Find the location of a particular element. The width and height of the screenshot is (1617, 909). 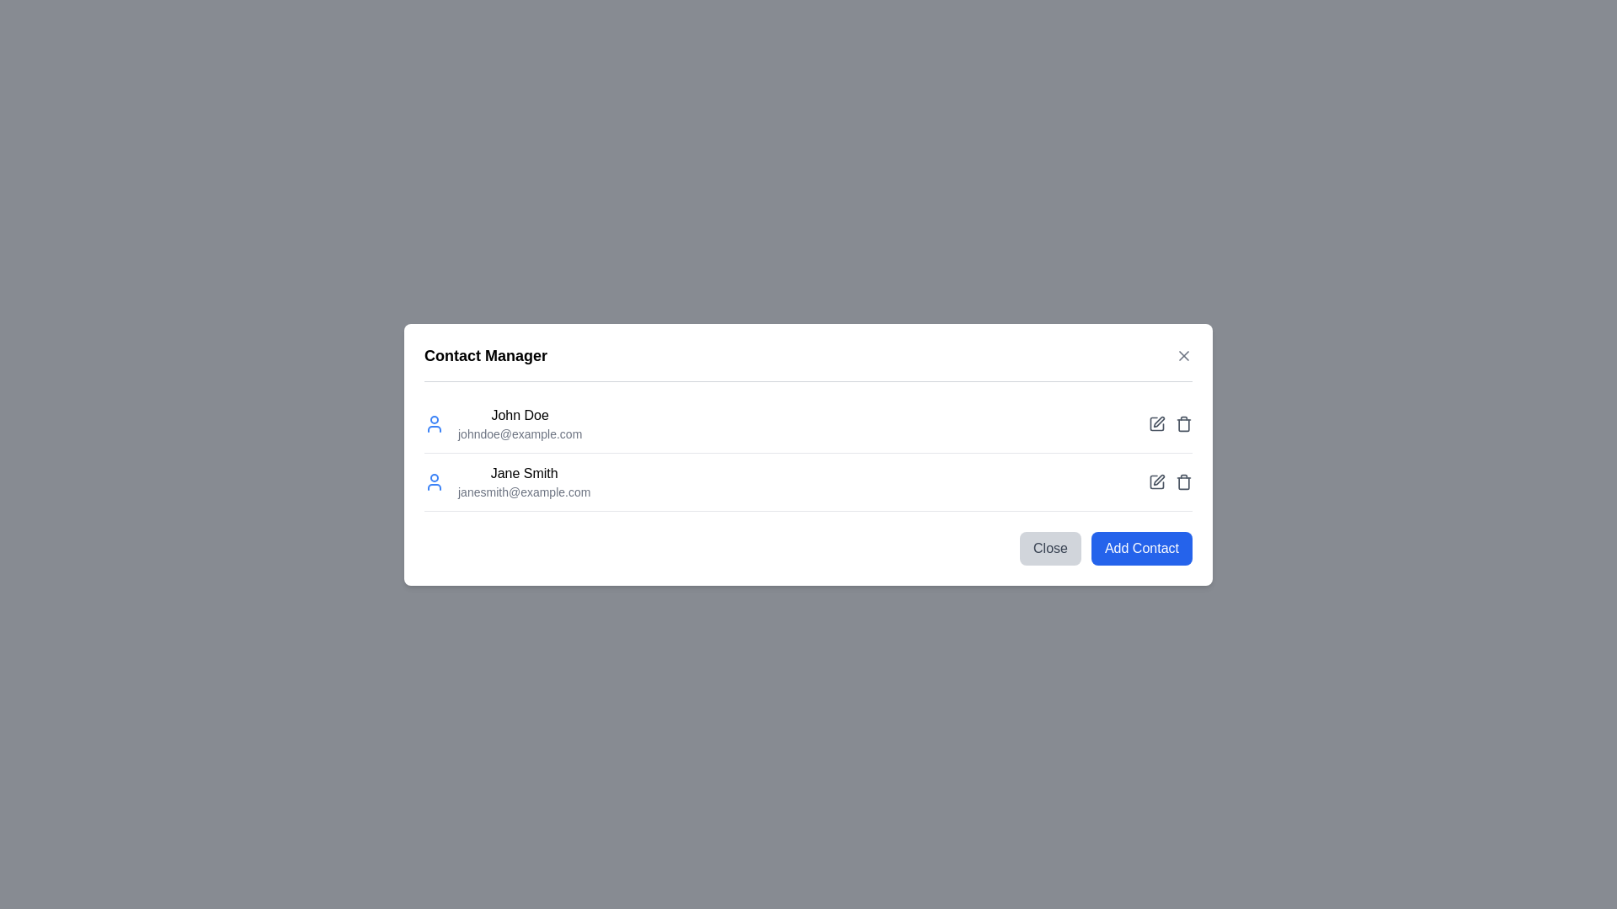

the user icon representing 'John Doe', located at the far left of the entry in the list is located at coordinates (434, 423).